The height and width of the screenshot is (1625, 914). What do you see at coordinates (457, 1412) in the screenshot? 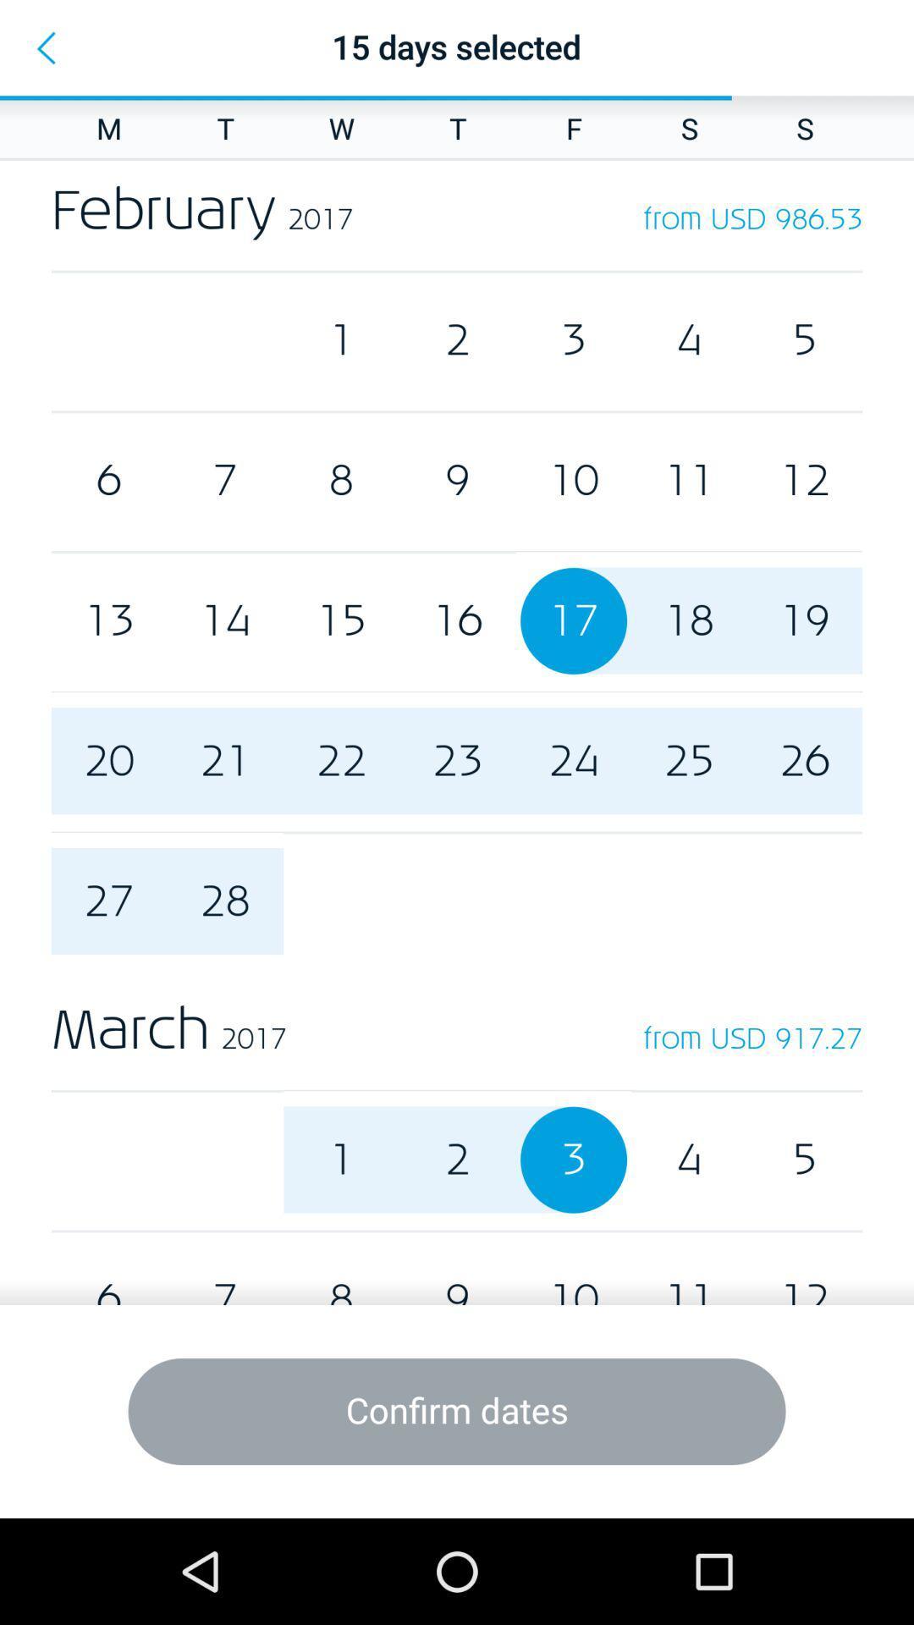
I see `the confirm dates` at bounding box center [457, 1412].